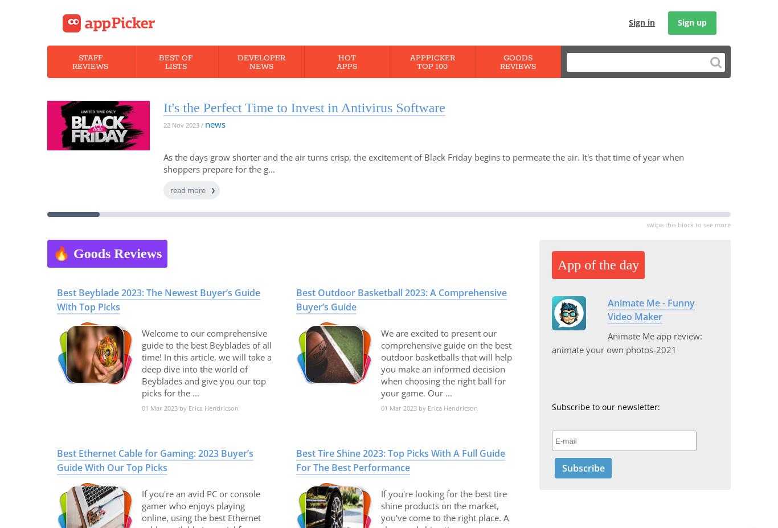 The height and width of the screenshot is (528, 778). I want to click on 'swipe this block to see more', so click(689, 224).